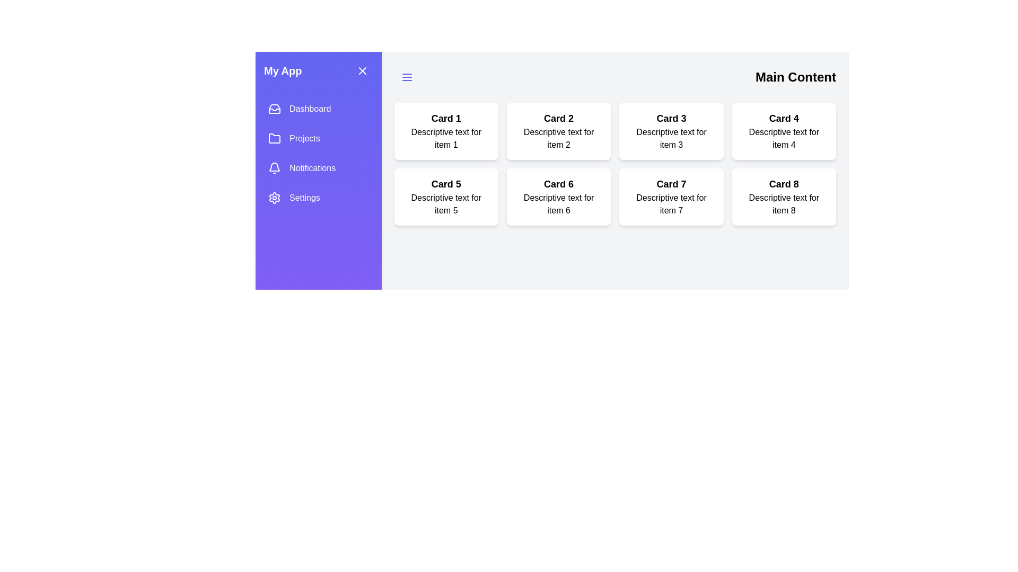  I want to click on the sidebar menu item Projects, so click(318, 138).